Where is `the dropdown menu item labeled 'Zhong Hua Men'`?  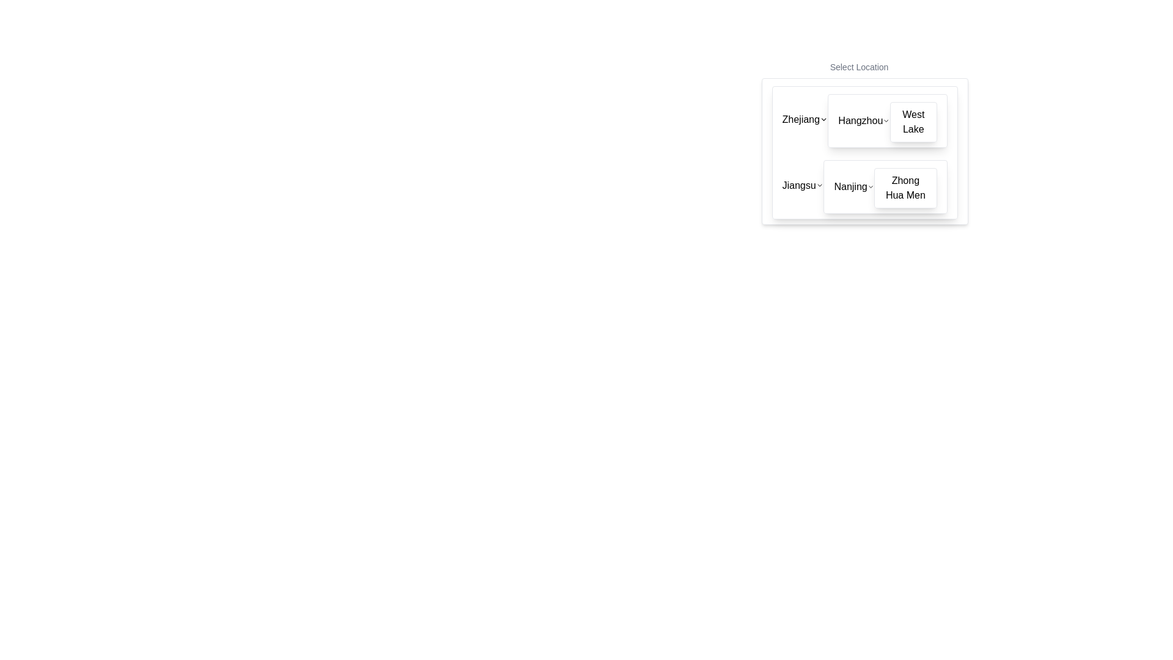
the dropdown menu item labeled 'Zhong Hua Men' is located at coordinates (885, 186).